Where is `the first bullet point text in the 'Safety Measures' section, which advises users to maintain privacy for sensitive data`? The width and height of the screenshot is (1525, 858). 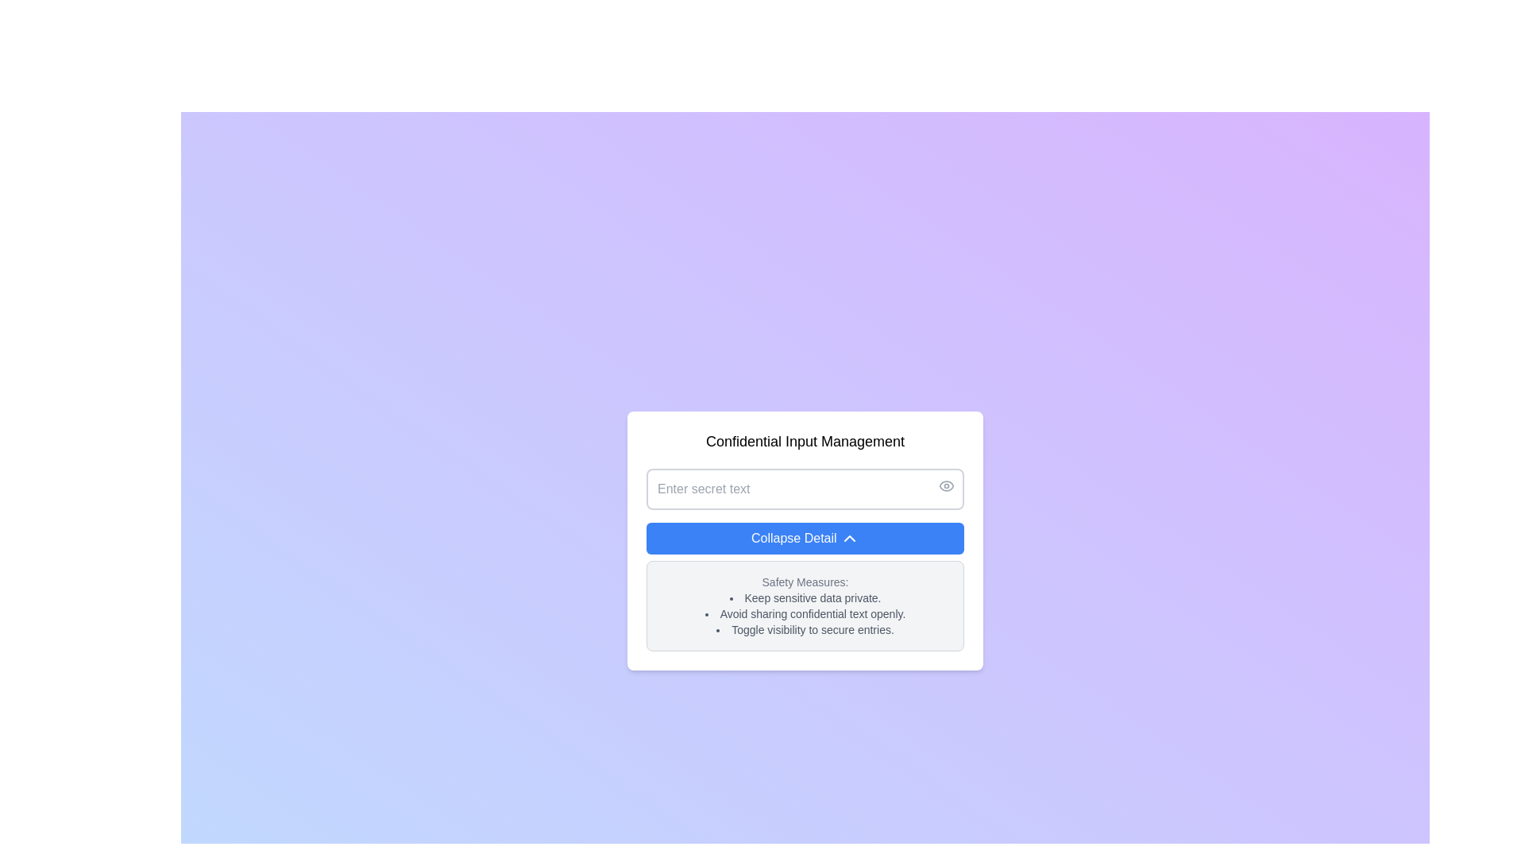
the first bullet point text in the 'Safety Measures' section, which advises users to maintain privacy for sensitive data is located at coordinates (805, 597).